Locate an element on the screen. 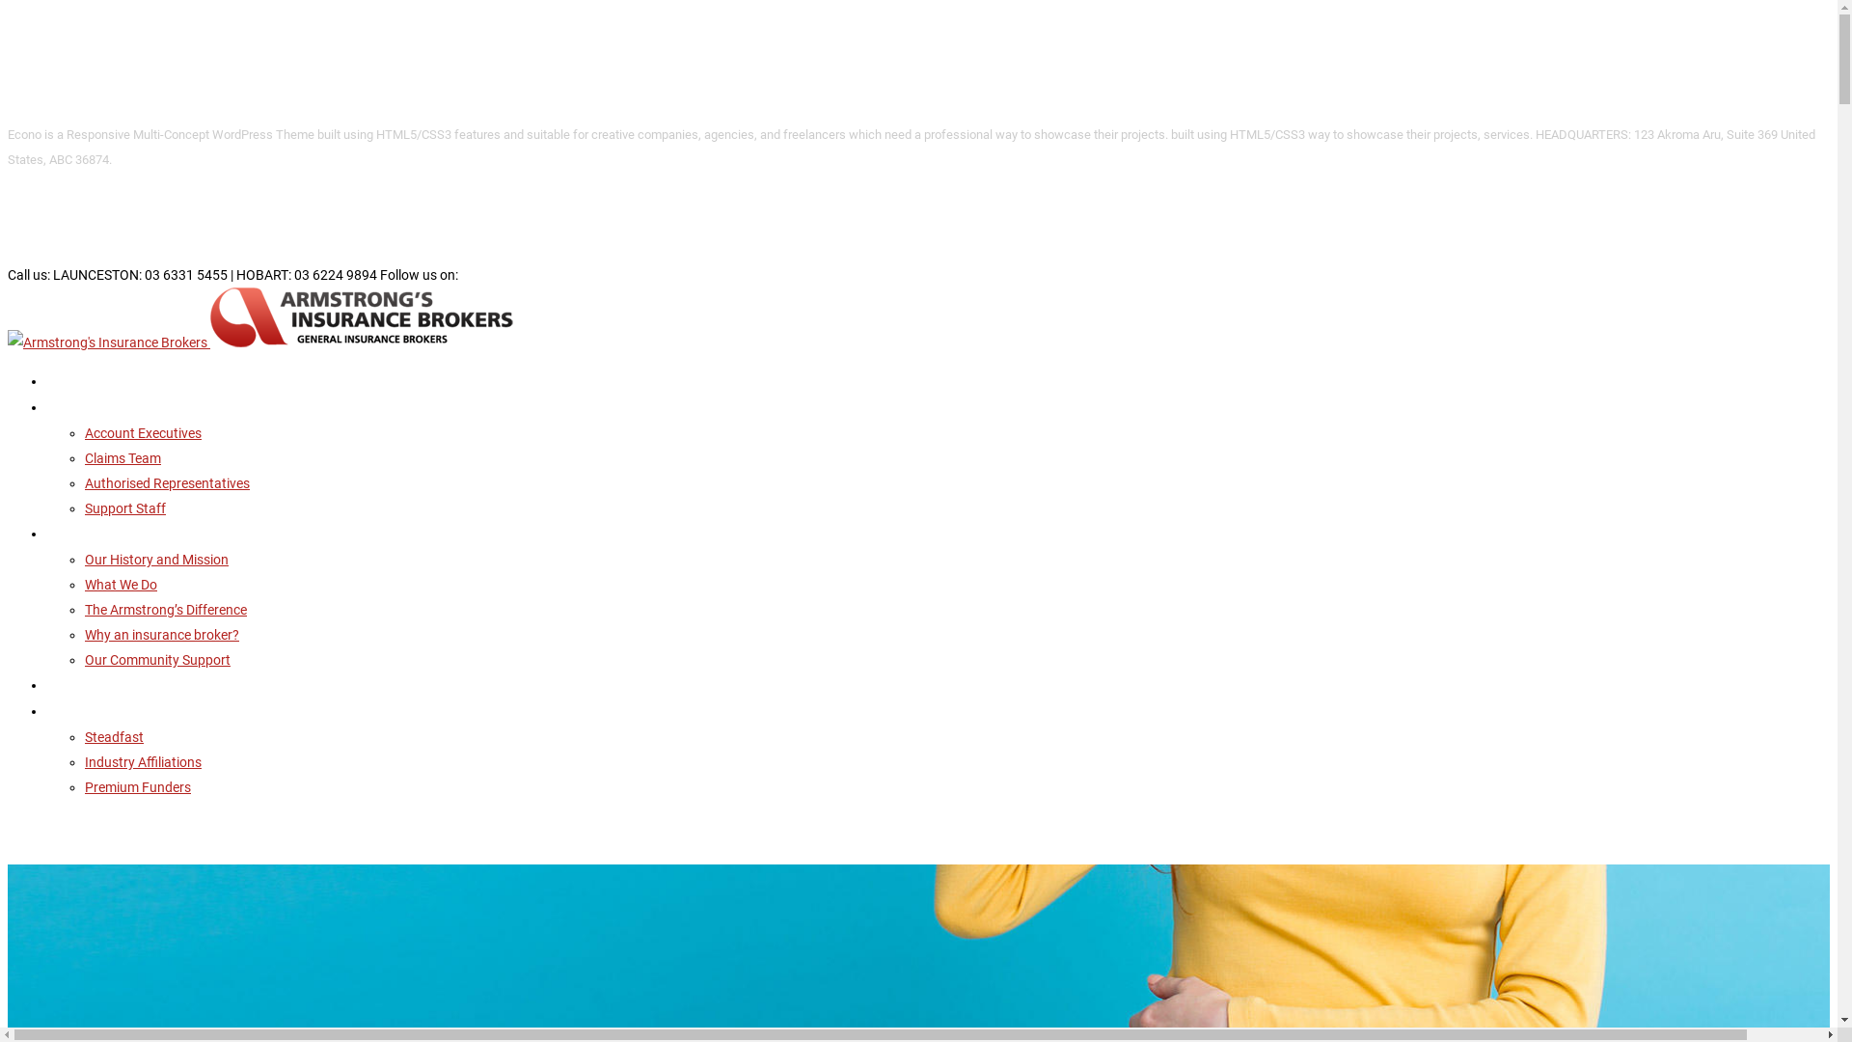 Image resolution: width=1852 pixels, height=1042 pixels. 'Steadfast' is located at coordinates (113, 736).